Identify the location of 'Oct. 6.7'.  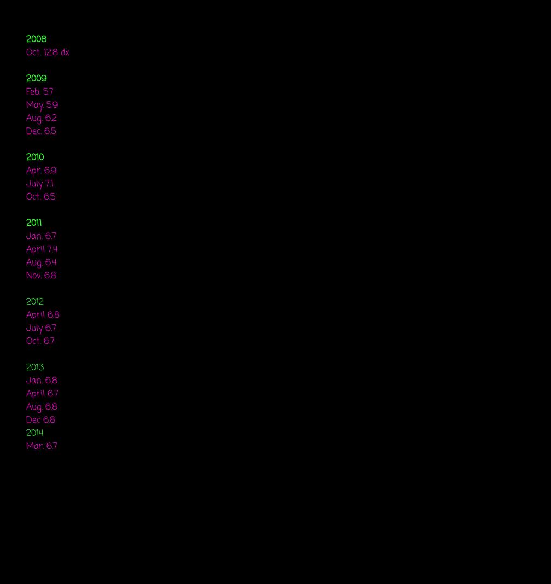
(40, 341).